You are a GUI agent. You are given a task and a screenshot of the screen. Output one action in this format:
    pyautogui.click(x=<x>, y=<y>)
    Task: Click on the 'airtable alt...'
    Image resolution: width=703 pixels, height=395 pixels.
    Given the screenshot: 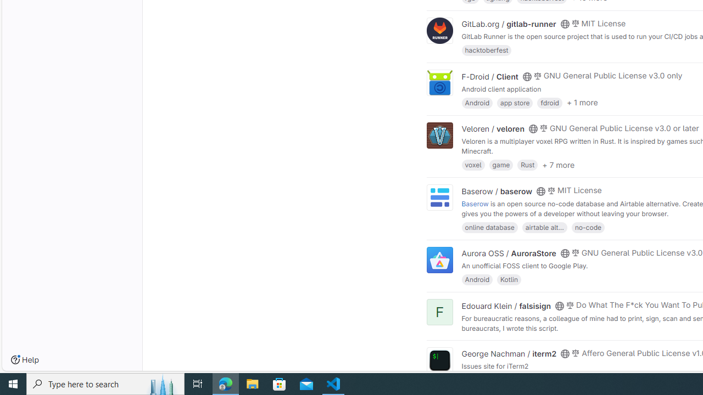 What is the action you would take?
    pyautogui.click(x=544, y=226)
    